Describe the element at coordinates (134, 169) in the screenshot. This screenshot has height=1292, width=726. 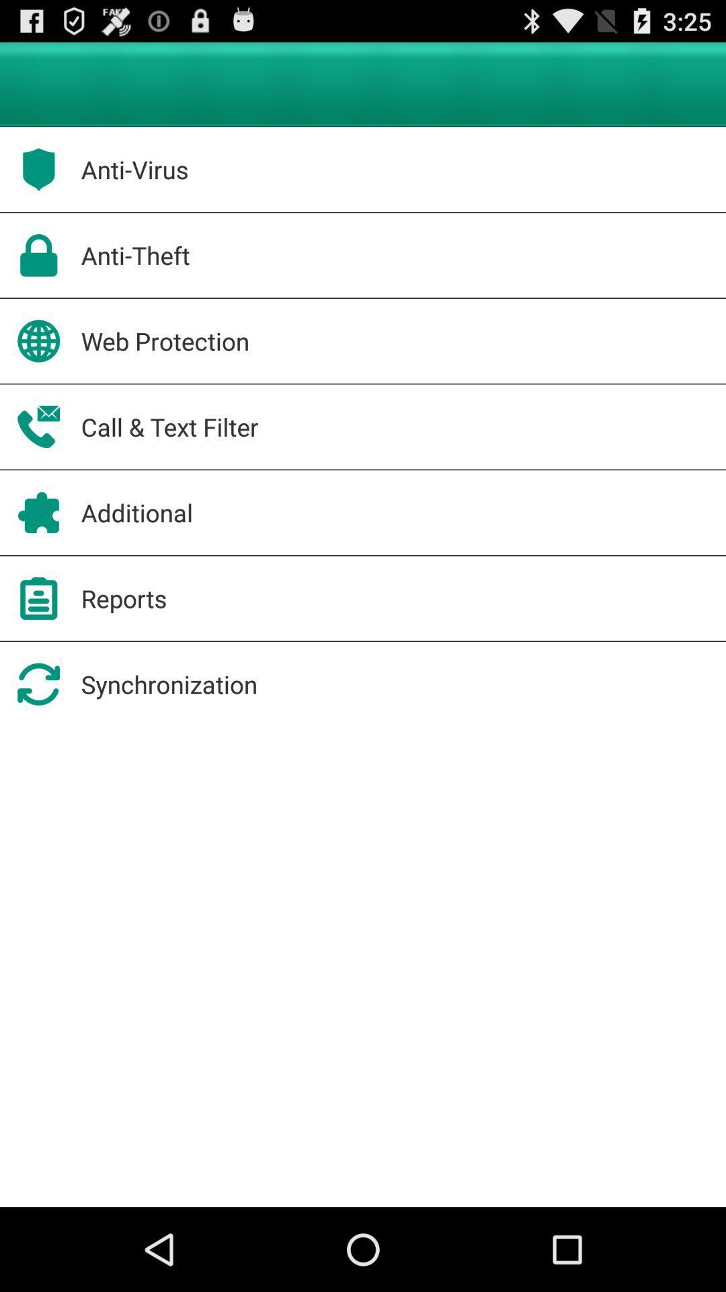
I see `anti-virus icon` at that location.